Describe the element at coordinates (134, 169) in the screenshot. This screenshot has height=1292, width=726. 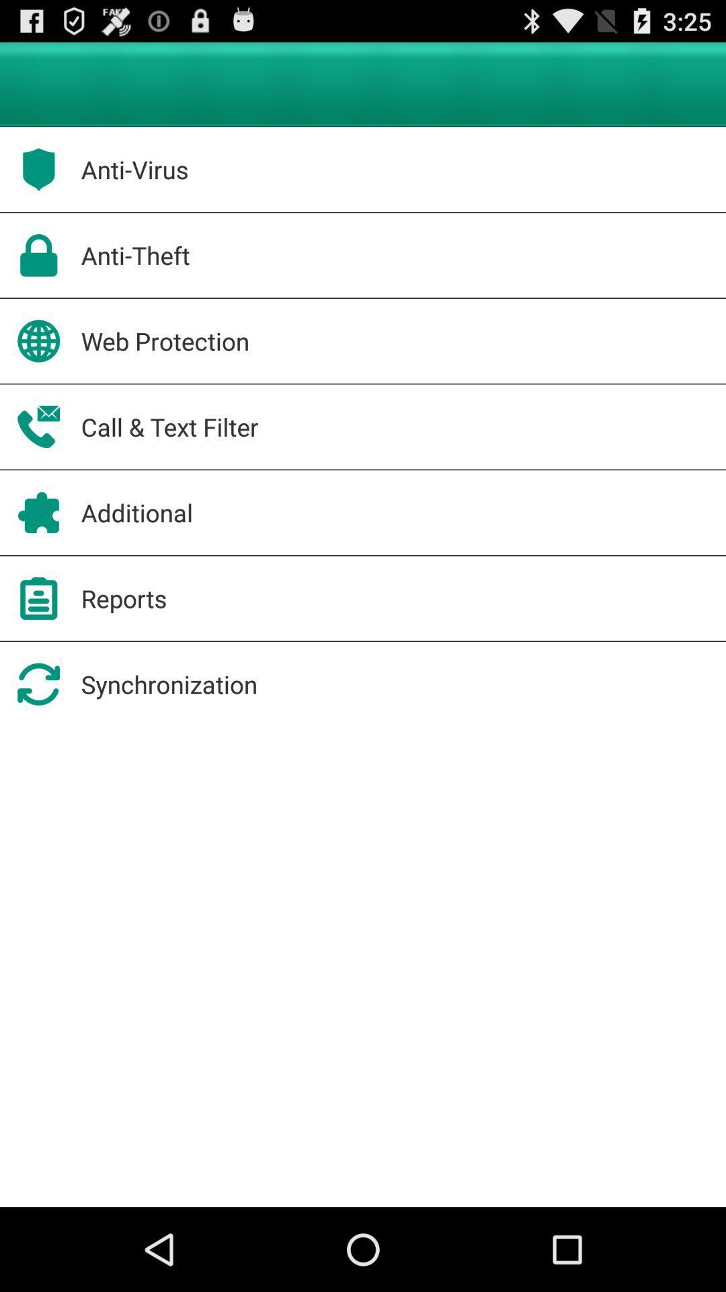
I see `anti-virus icon` at that location.